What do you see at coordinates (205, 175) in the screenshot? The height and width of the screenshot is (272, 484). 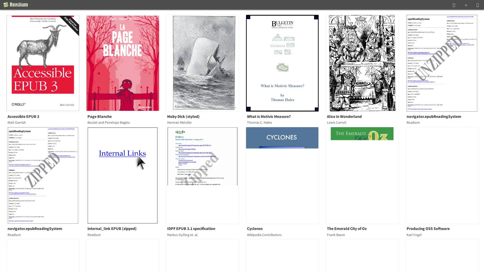 I see `(9) IDPF EPUB 3.1 specification` at bounding box center [205, 175].